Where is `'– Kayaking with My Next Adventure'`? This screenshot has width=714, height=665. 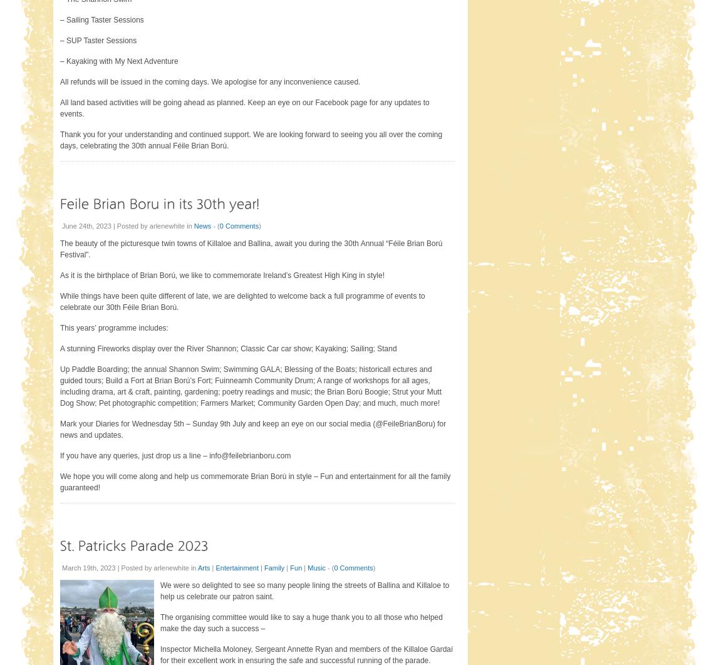
'– Kayaking with My Next Adventure' is located at coordinates (119, 61).